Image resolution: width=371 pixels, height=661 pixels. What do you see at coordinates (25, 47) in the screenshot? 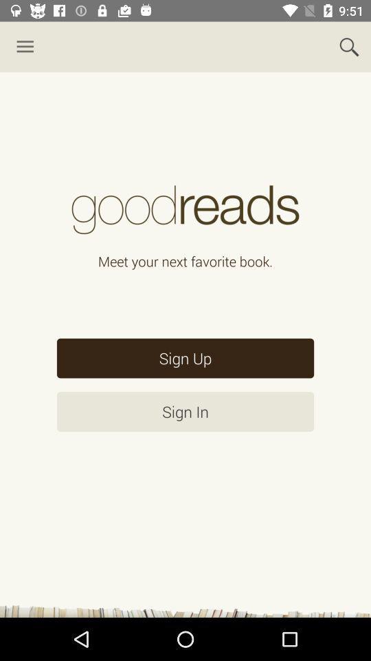
I see `the icon at the top left corner` at bounding box center [25, 47].